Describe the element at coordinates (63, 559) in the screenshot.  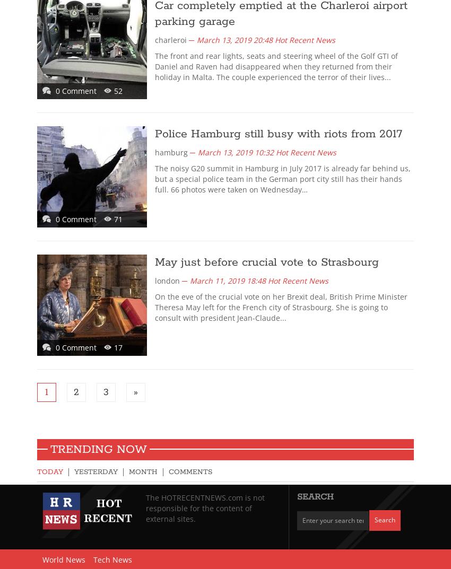
I see `'World News'` at that location.